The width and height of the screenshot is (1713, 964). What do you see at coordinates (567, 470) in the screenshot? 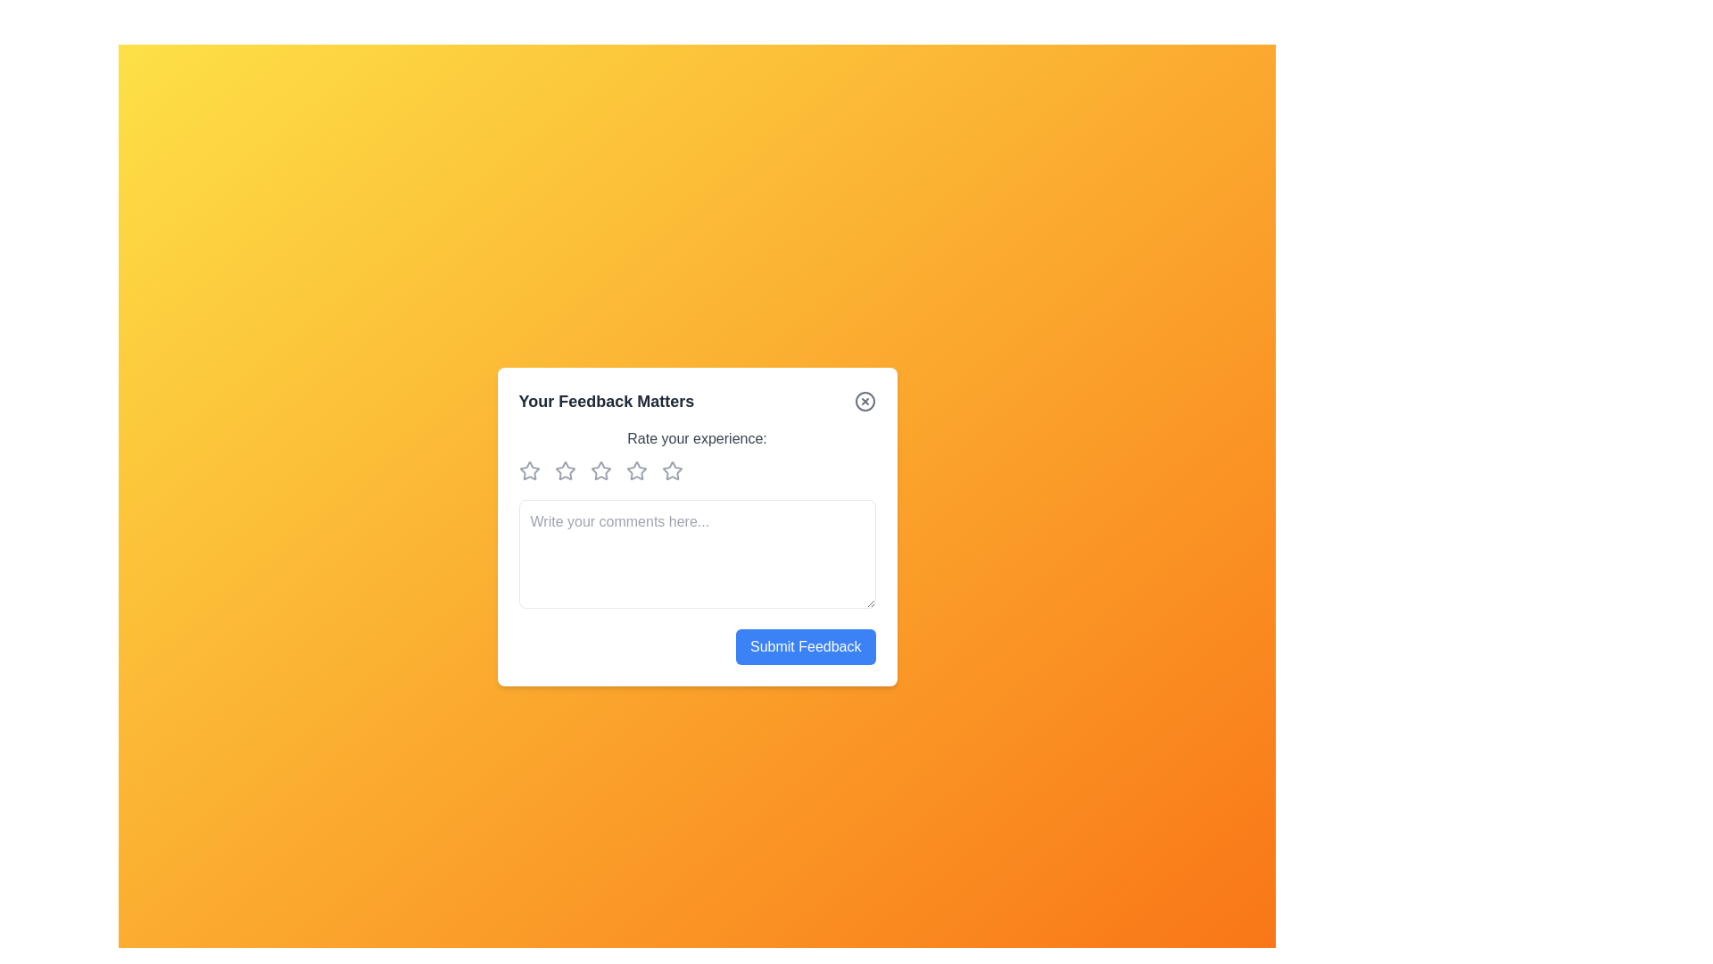
I see `the rating to 2 stars by clicking on the corresponding star` at bounding box center [567, 470].